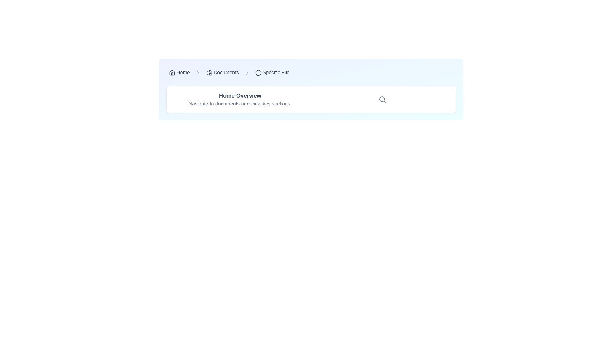  What do you see at coordinates (240, 103) in the screenshot?
I see `the static text label that reads 'Navigate to documents or review key sections,' which is styled in gray and positioned below the 'Home Overview' heading` at bounding box center [240, 103].